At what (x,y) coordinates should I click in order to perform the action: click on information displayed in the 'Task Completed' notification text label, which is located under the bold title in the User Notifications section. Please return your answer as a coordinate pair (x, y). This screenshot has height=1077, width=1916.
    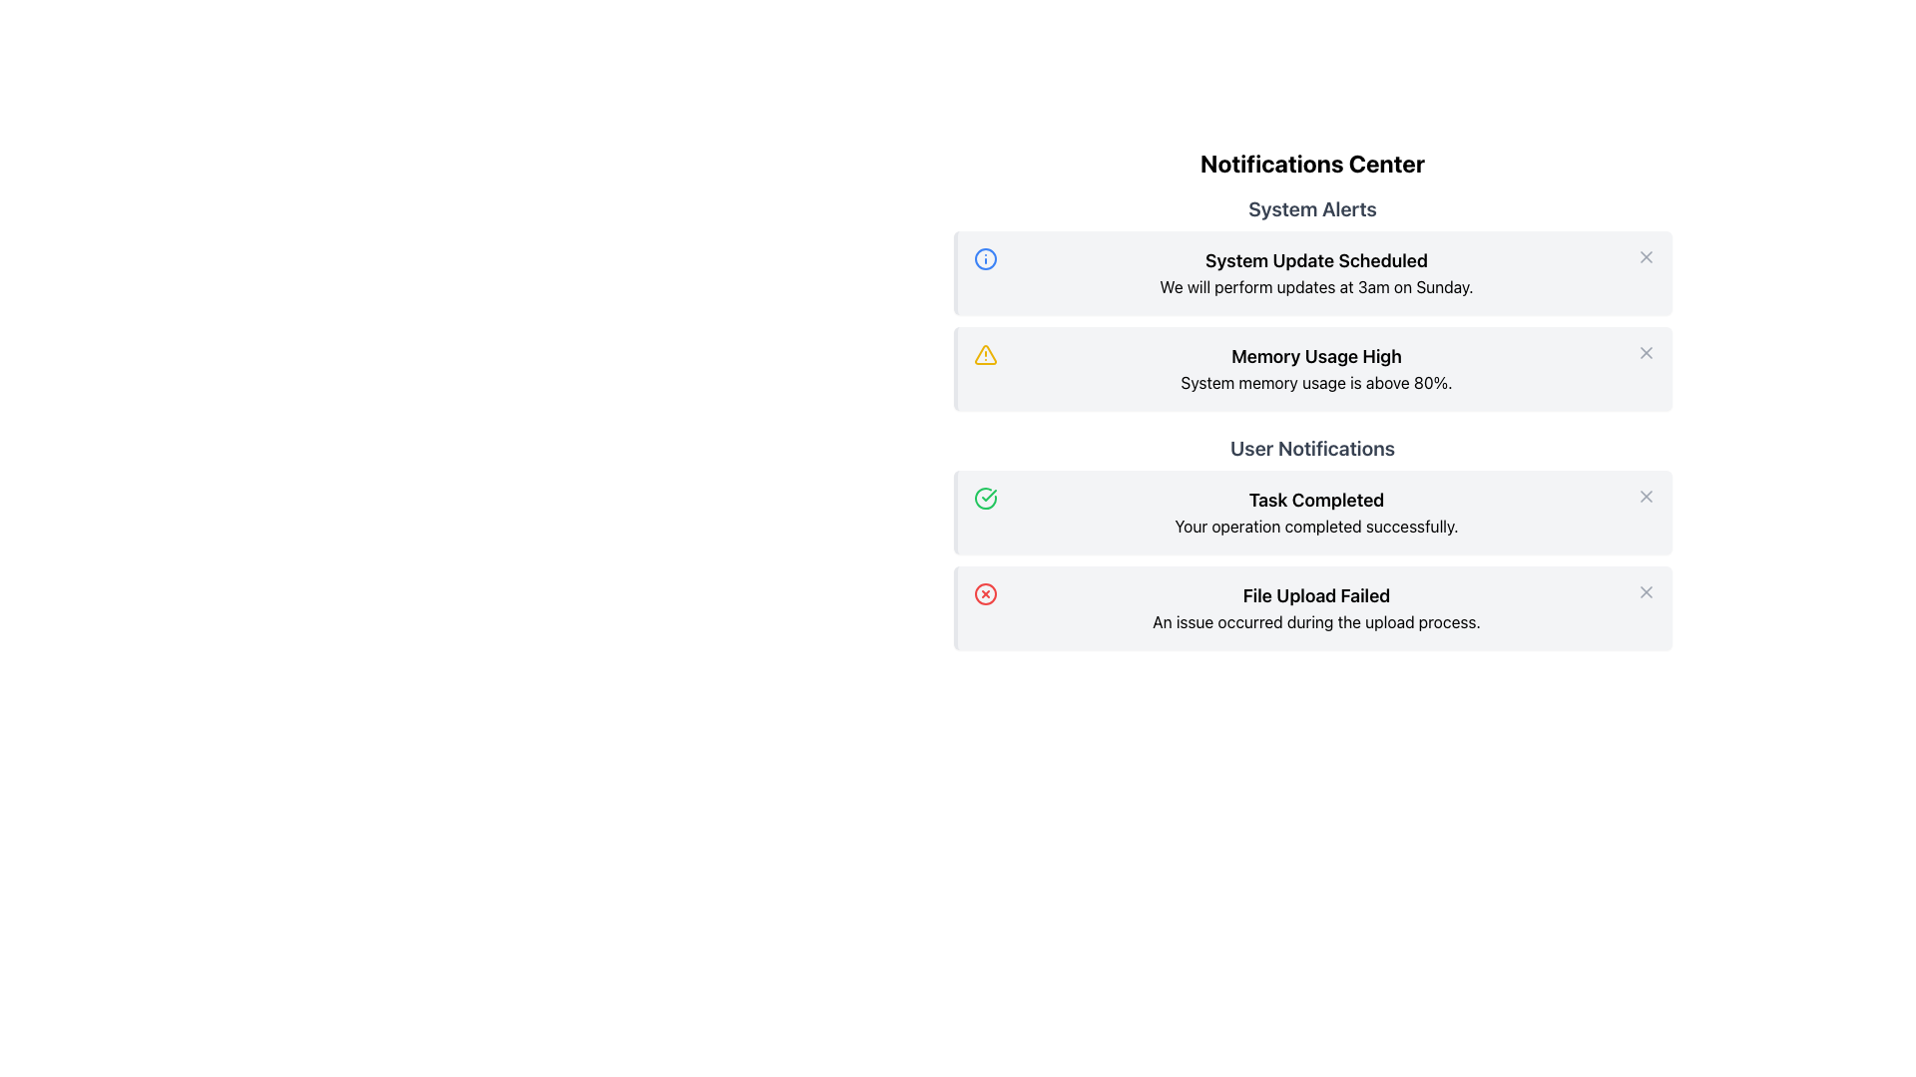
    Looking at the image, I should click on (1316, 526).